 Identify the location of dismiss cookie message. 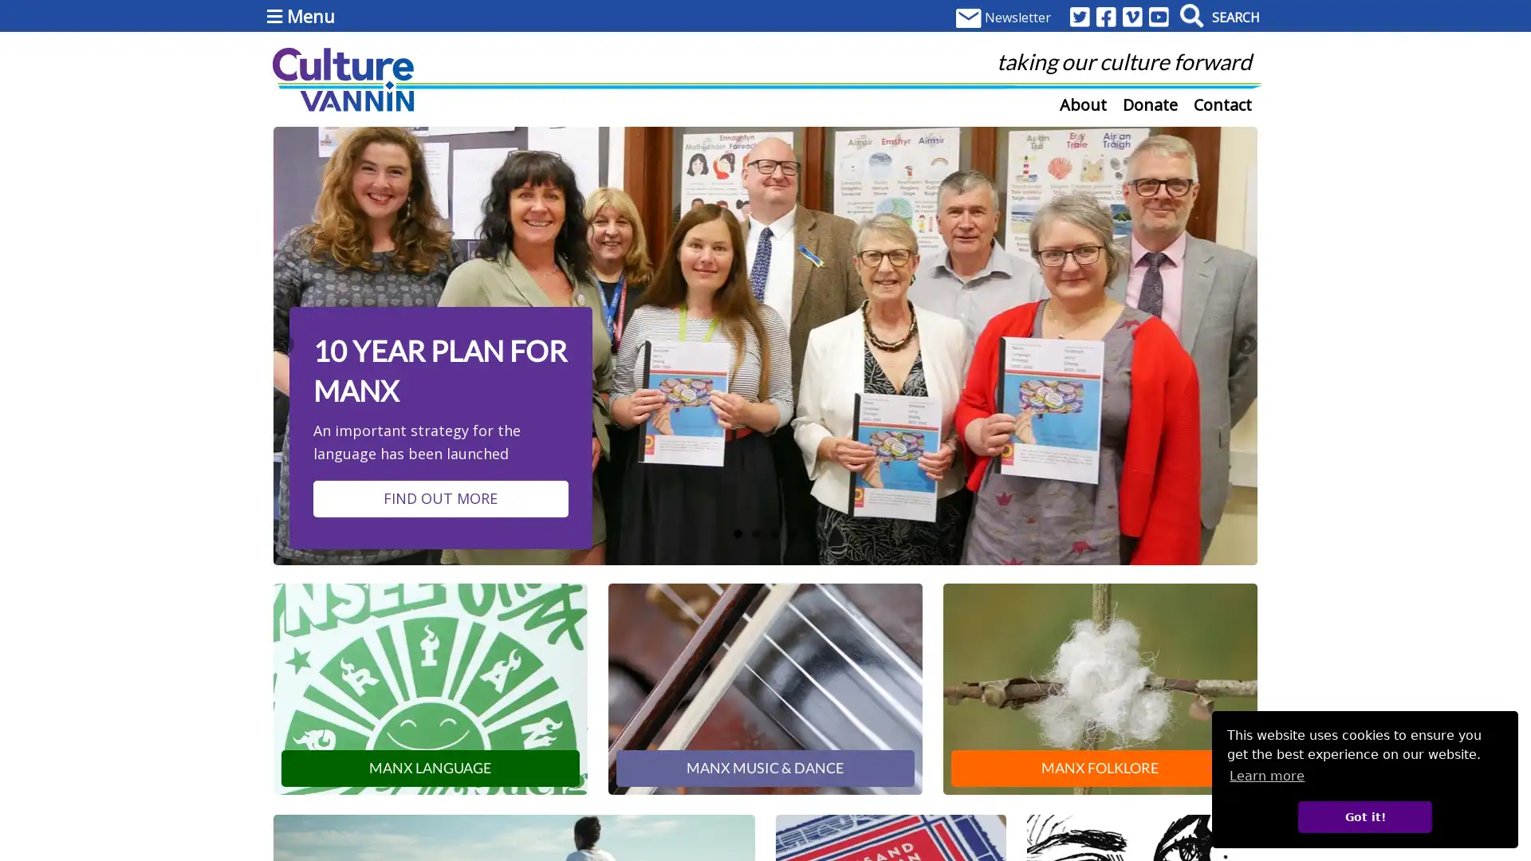
(1364, 816).